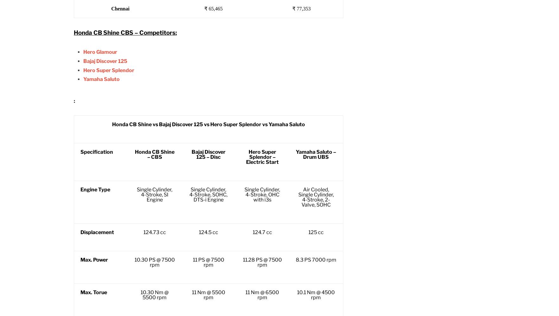  What do you see at coordinates (244, 194) in the screenshot?
I see `'Single Cylinder, 4-Stroke, OHC with i3s'` at bounding box center [244, 194].